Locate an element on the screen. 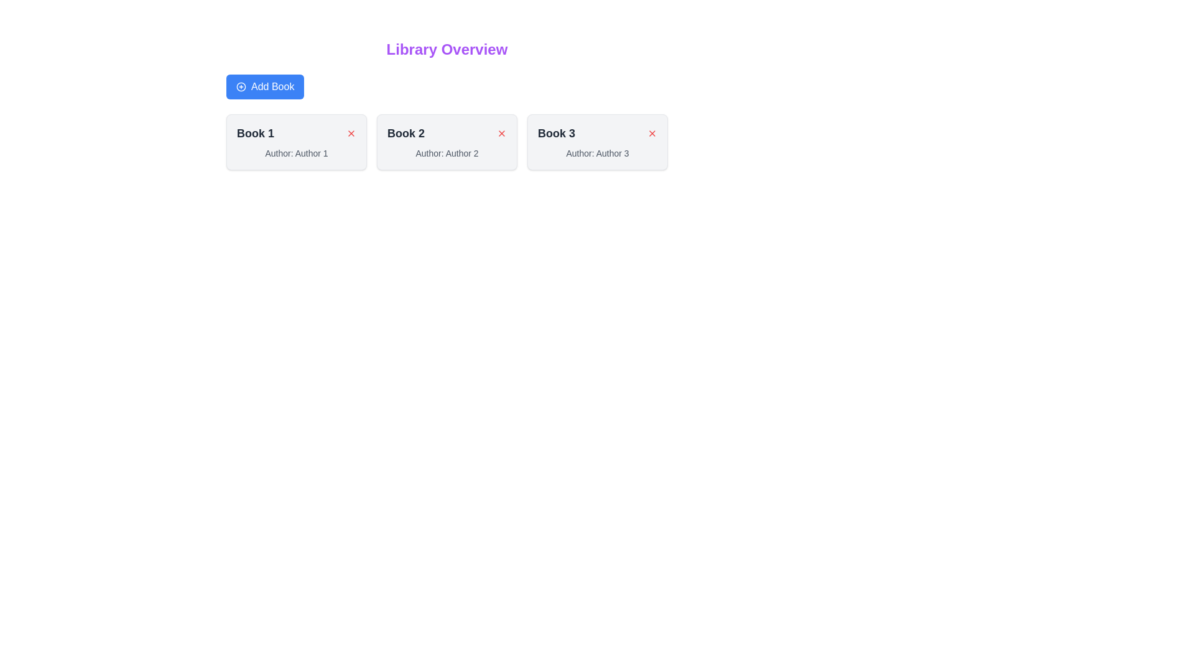 The height and width of the screenshot is (671, 1194). the close button located at the top-right corner of the 'Book 3' card is located at coordinates (652, 134).